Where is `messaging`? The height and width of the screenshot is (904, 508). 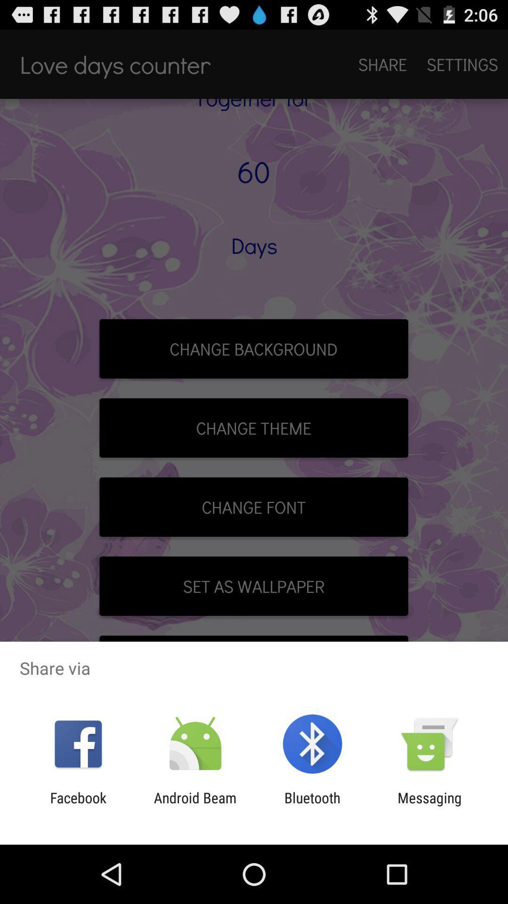
messaging is located at coordinates (429, 806).